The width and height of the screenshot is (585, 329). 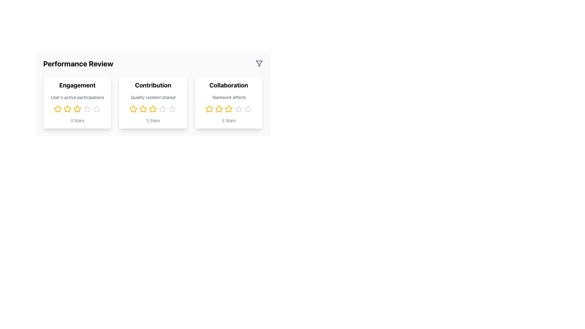 I want to click on the second golden yellow star-shaped rating icon in the 'Contribution' performance card, so click(x=133, y=109).